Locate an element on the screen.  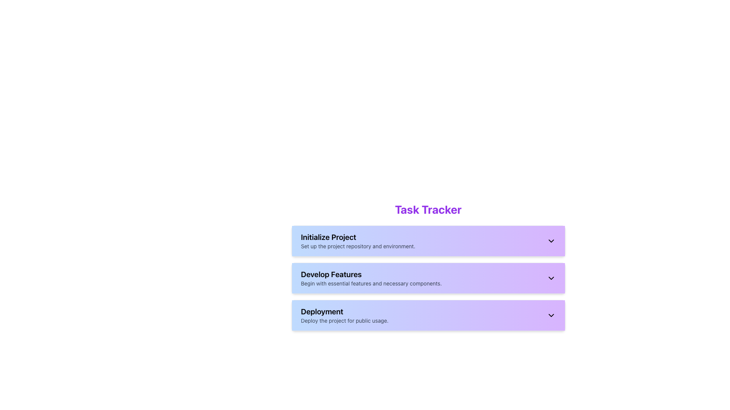
the non-interactive text block providing additional details for the heading 'Initialize Project', located directly beneath it is located at coordinates (357, 246).